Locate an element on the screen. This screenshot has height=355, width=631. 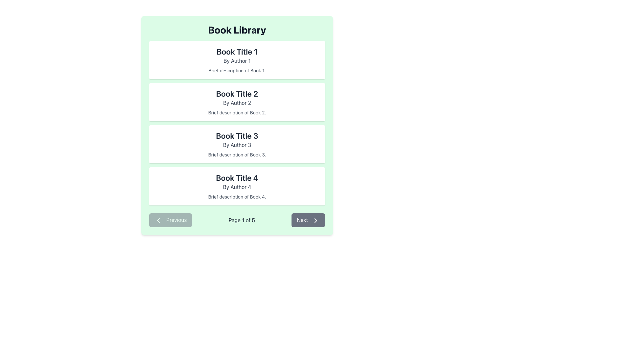
the static text element that provides a brief description related to 'Book 3', located below the author text 'By Author 3' is located at coordinates (237, 154).